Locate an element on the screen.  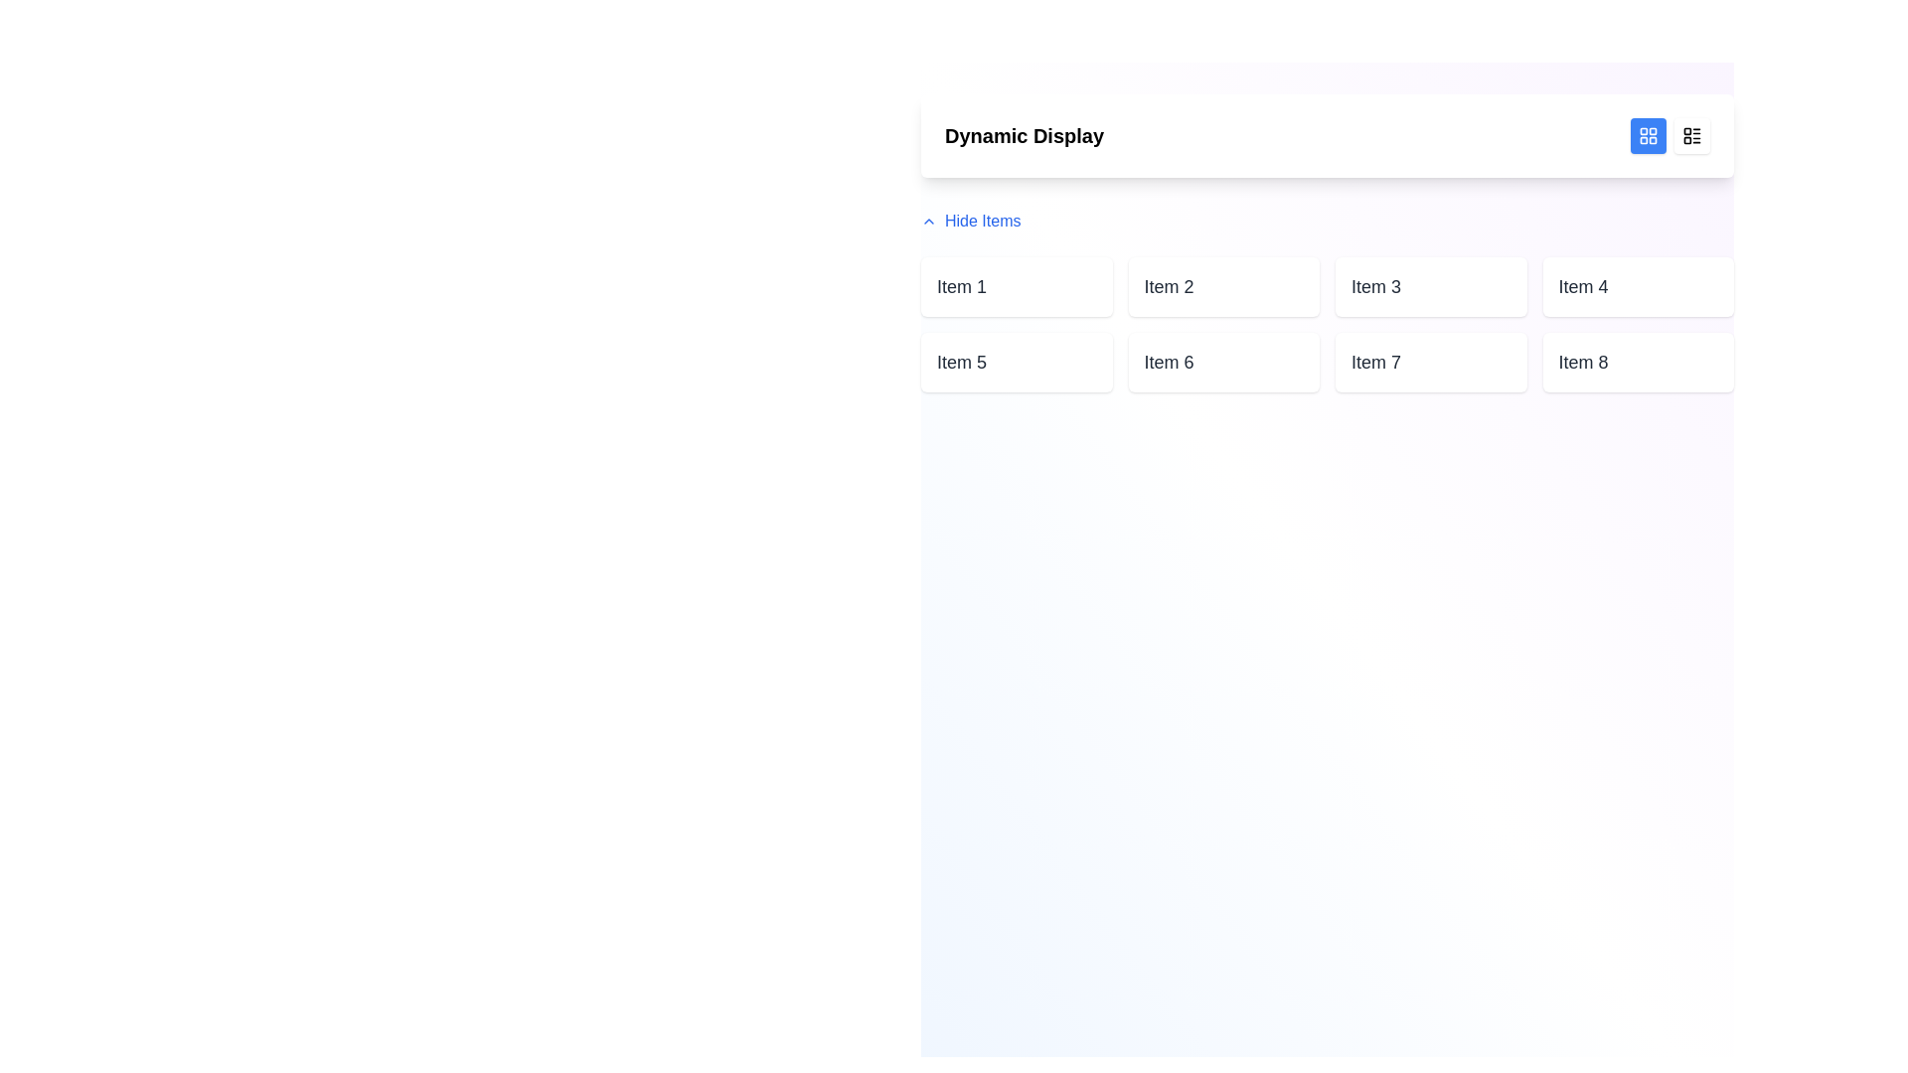
the bold text label reading 'Dynamic Display' located in the top left portion of its containing section is located at coordinates (1025, 135).